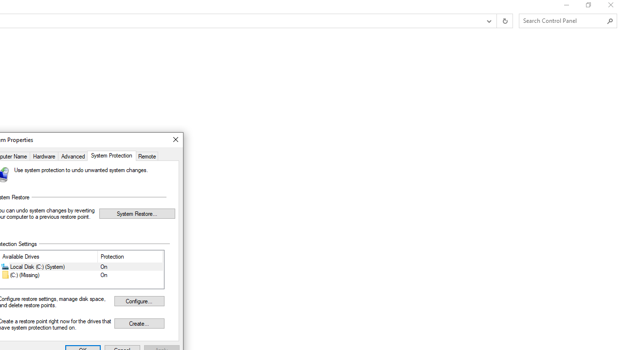  What do you see at coordinates (73, 155) in the screenshot?
I see `'Advanced'` at bounding box center [73, 155].